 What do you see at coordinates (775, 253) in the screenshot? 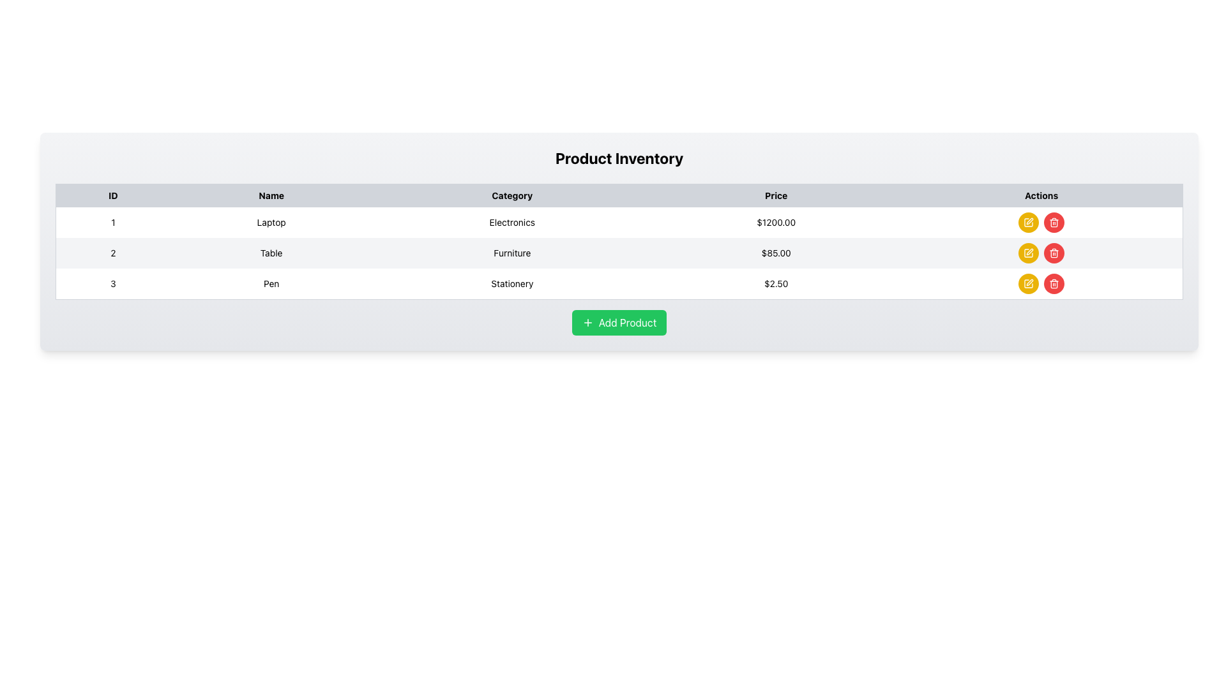
I see `text label indicating the price of the 'Table' item located in the second row of the product inventory table under the 'Price' column, between 'Category' and 'Actions' columns` at bounding box center [775, 253].